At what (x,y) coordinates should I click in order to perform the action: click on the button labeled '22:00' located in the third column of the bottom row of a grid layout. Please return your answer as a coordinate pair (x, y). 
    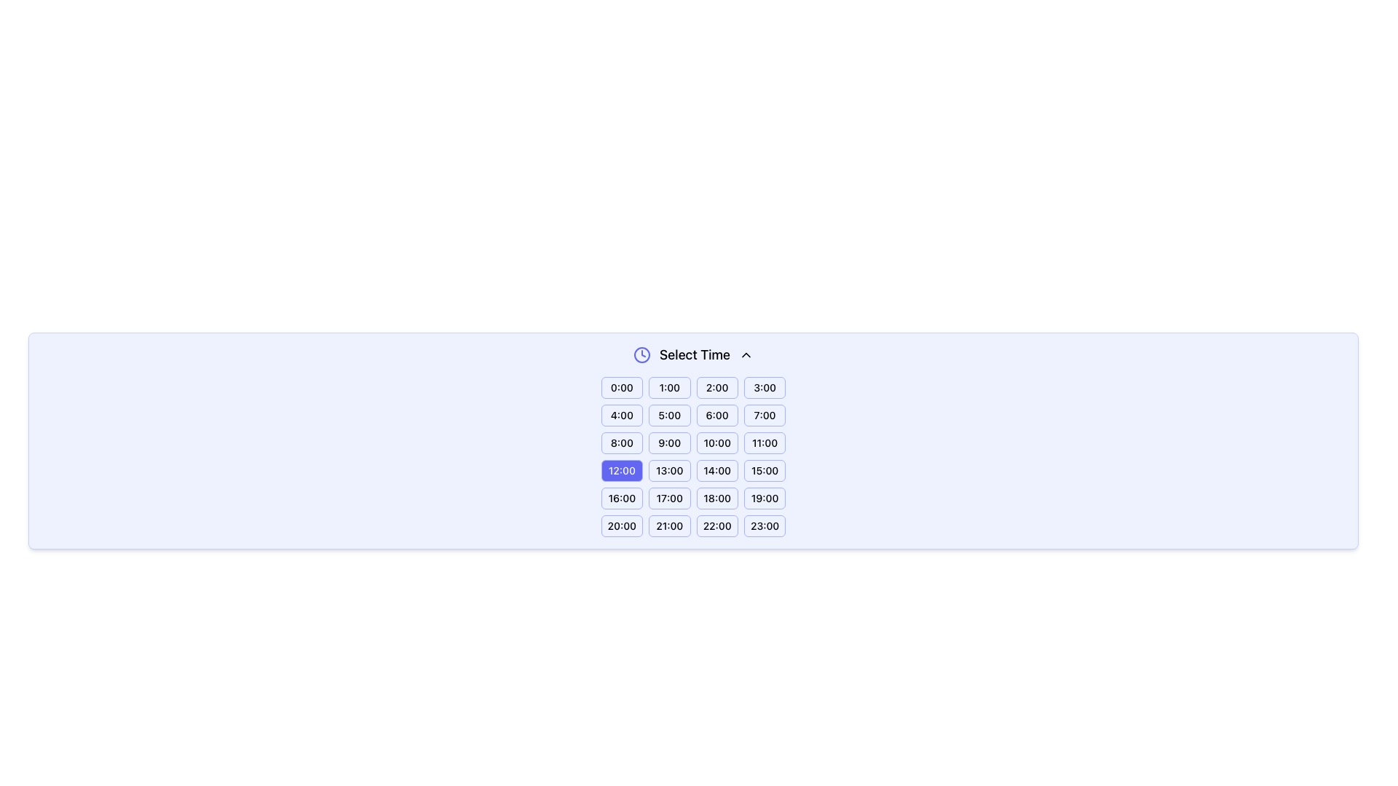
    Looking at the image, I should click on (717, 525).